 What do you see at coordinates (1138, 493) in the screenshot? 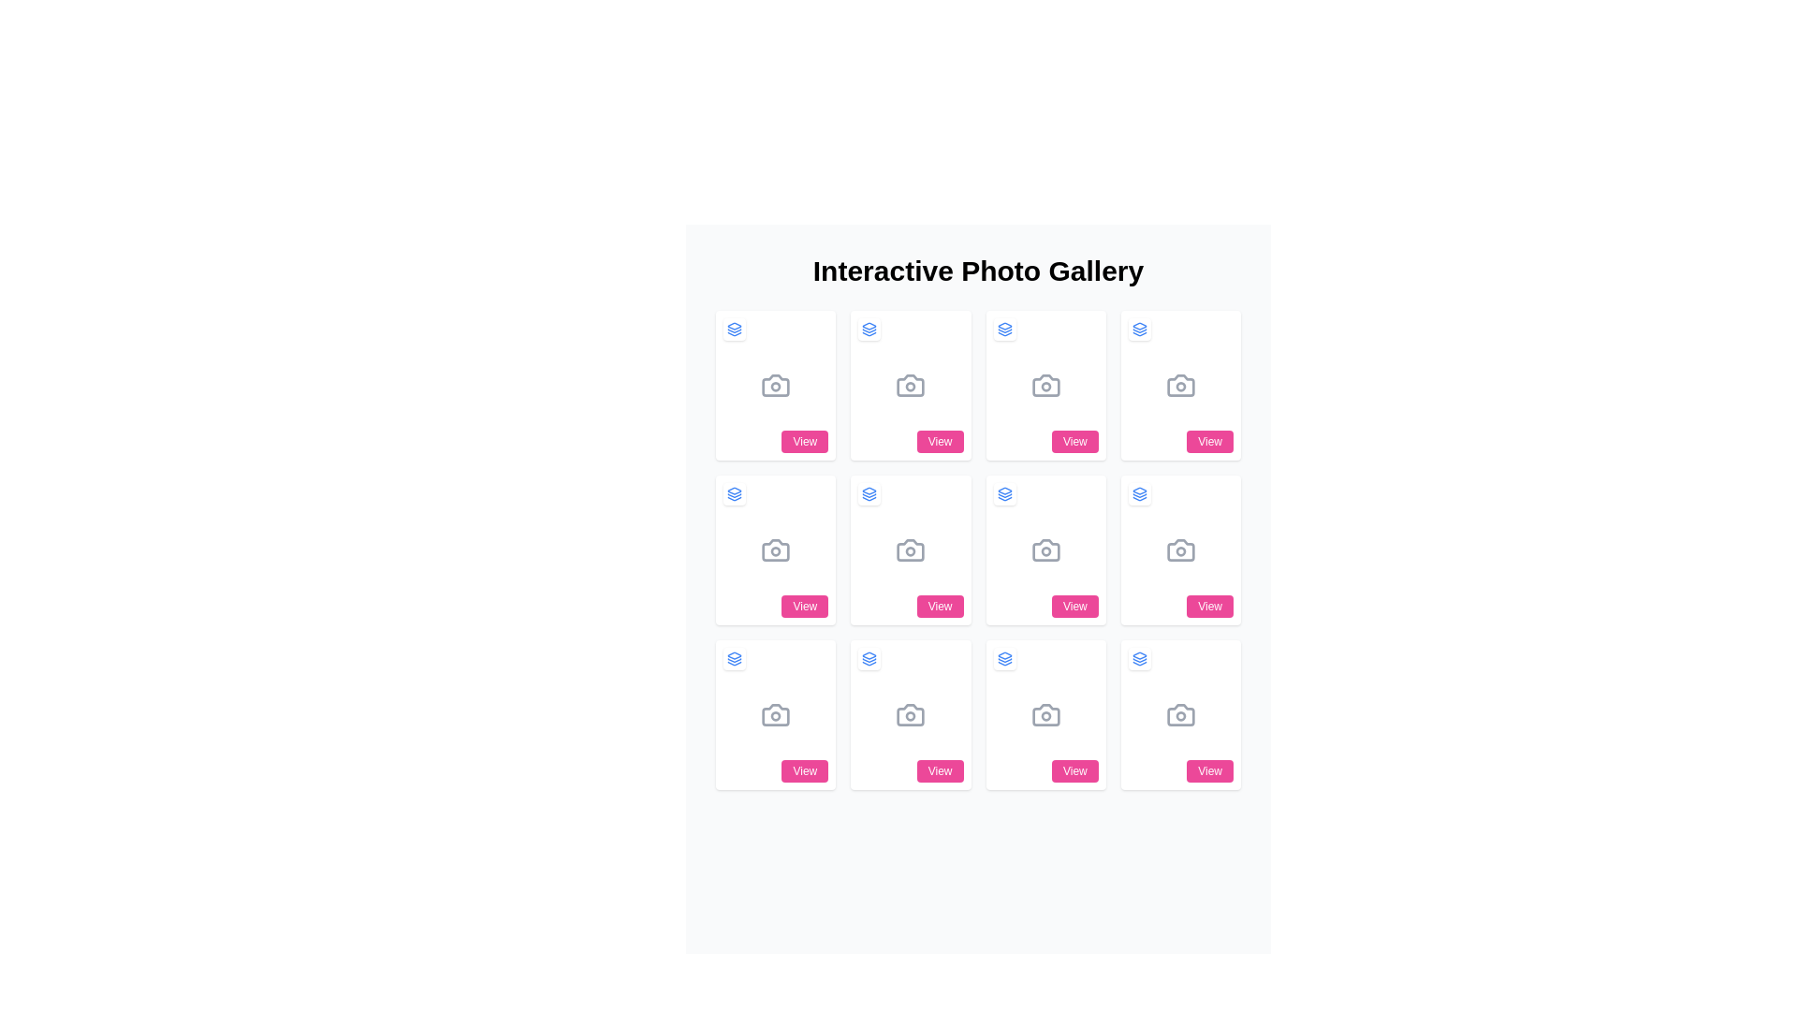
I see `the small blue layers icon located at the top-left corner of the card element` at bounding box center [1138, 493].